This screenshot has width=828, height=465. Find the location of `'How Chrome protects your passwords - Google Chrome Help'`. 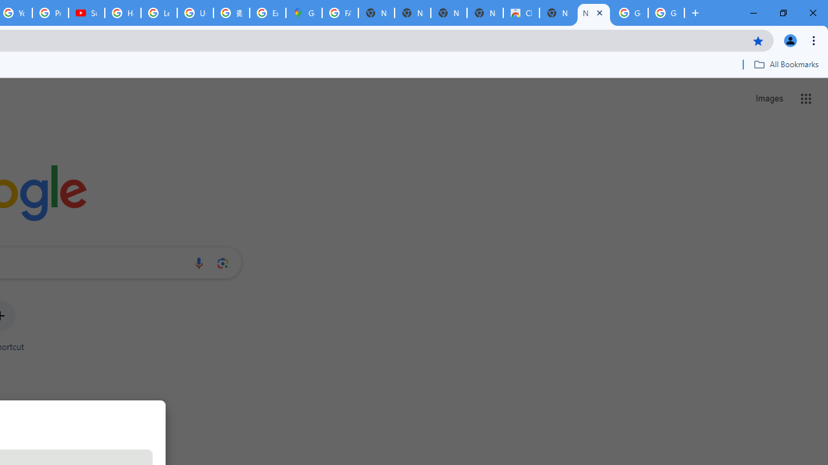

'How Chrome protects your passwords - Google Chrome Help' is located at coordinates (123, 13).